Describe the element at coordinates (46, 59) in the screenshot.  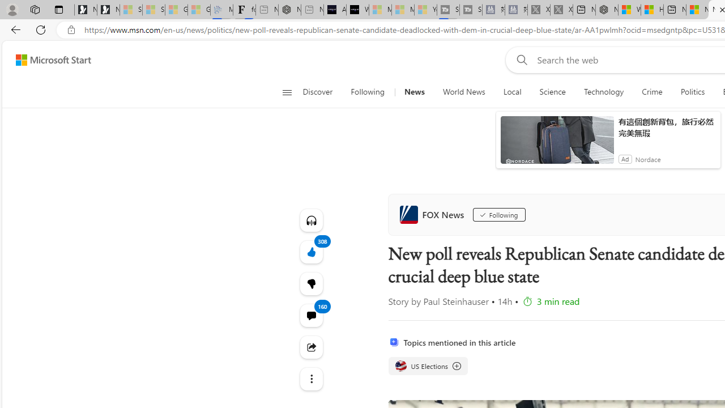
I see `'Skip to footer'` at that location.